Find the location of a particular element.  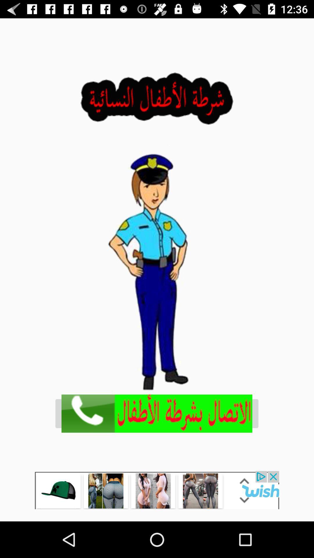

go to wish app is located at coordinates (157, 490).